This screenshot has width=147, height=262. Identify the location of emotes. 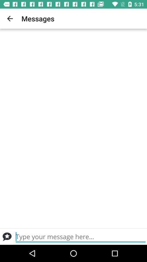
(7, 236).